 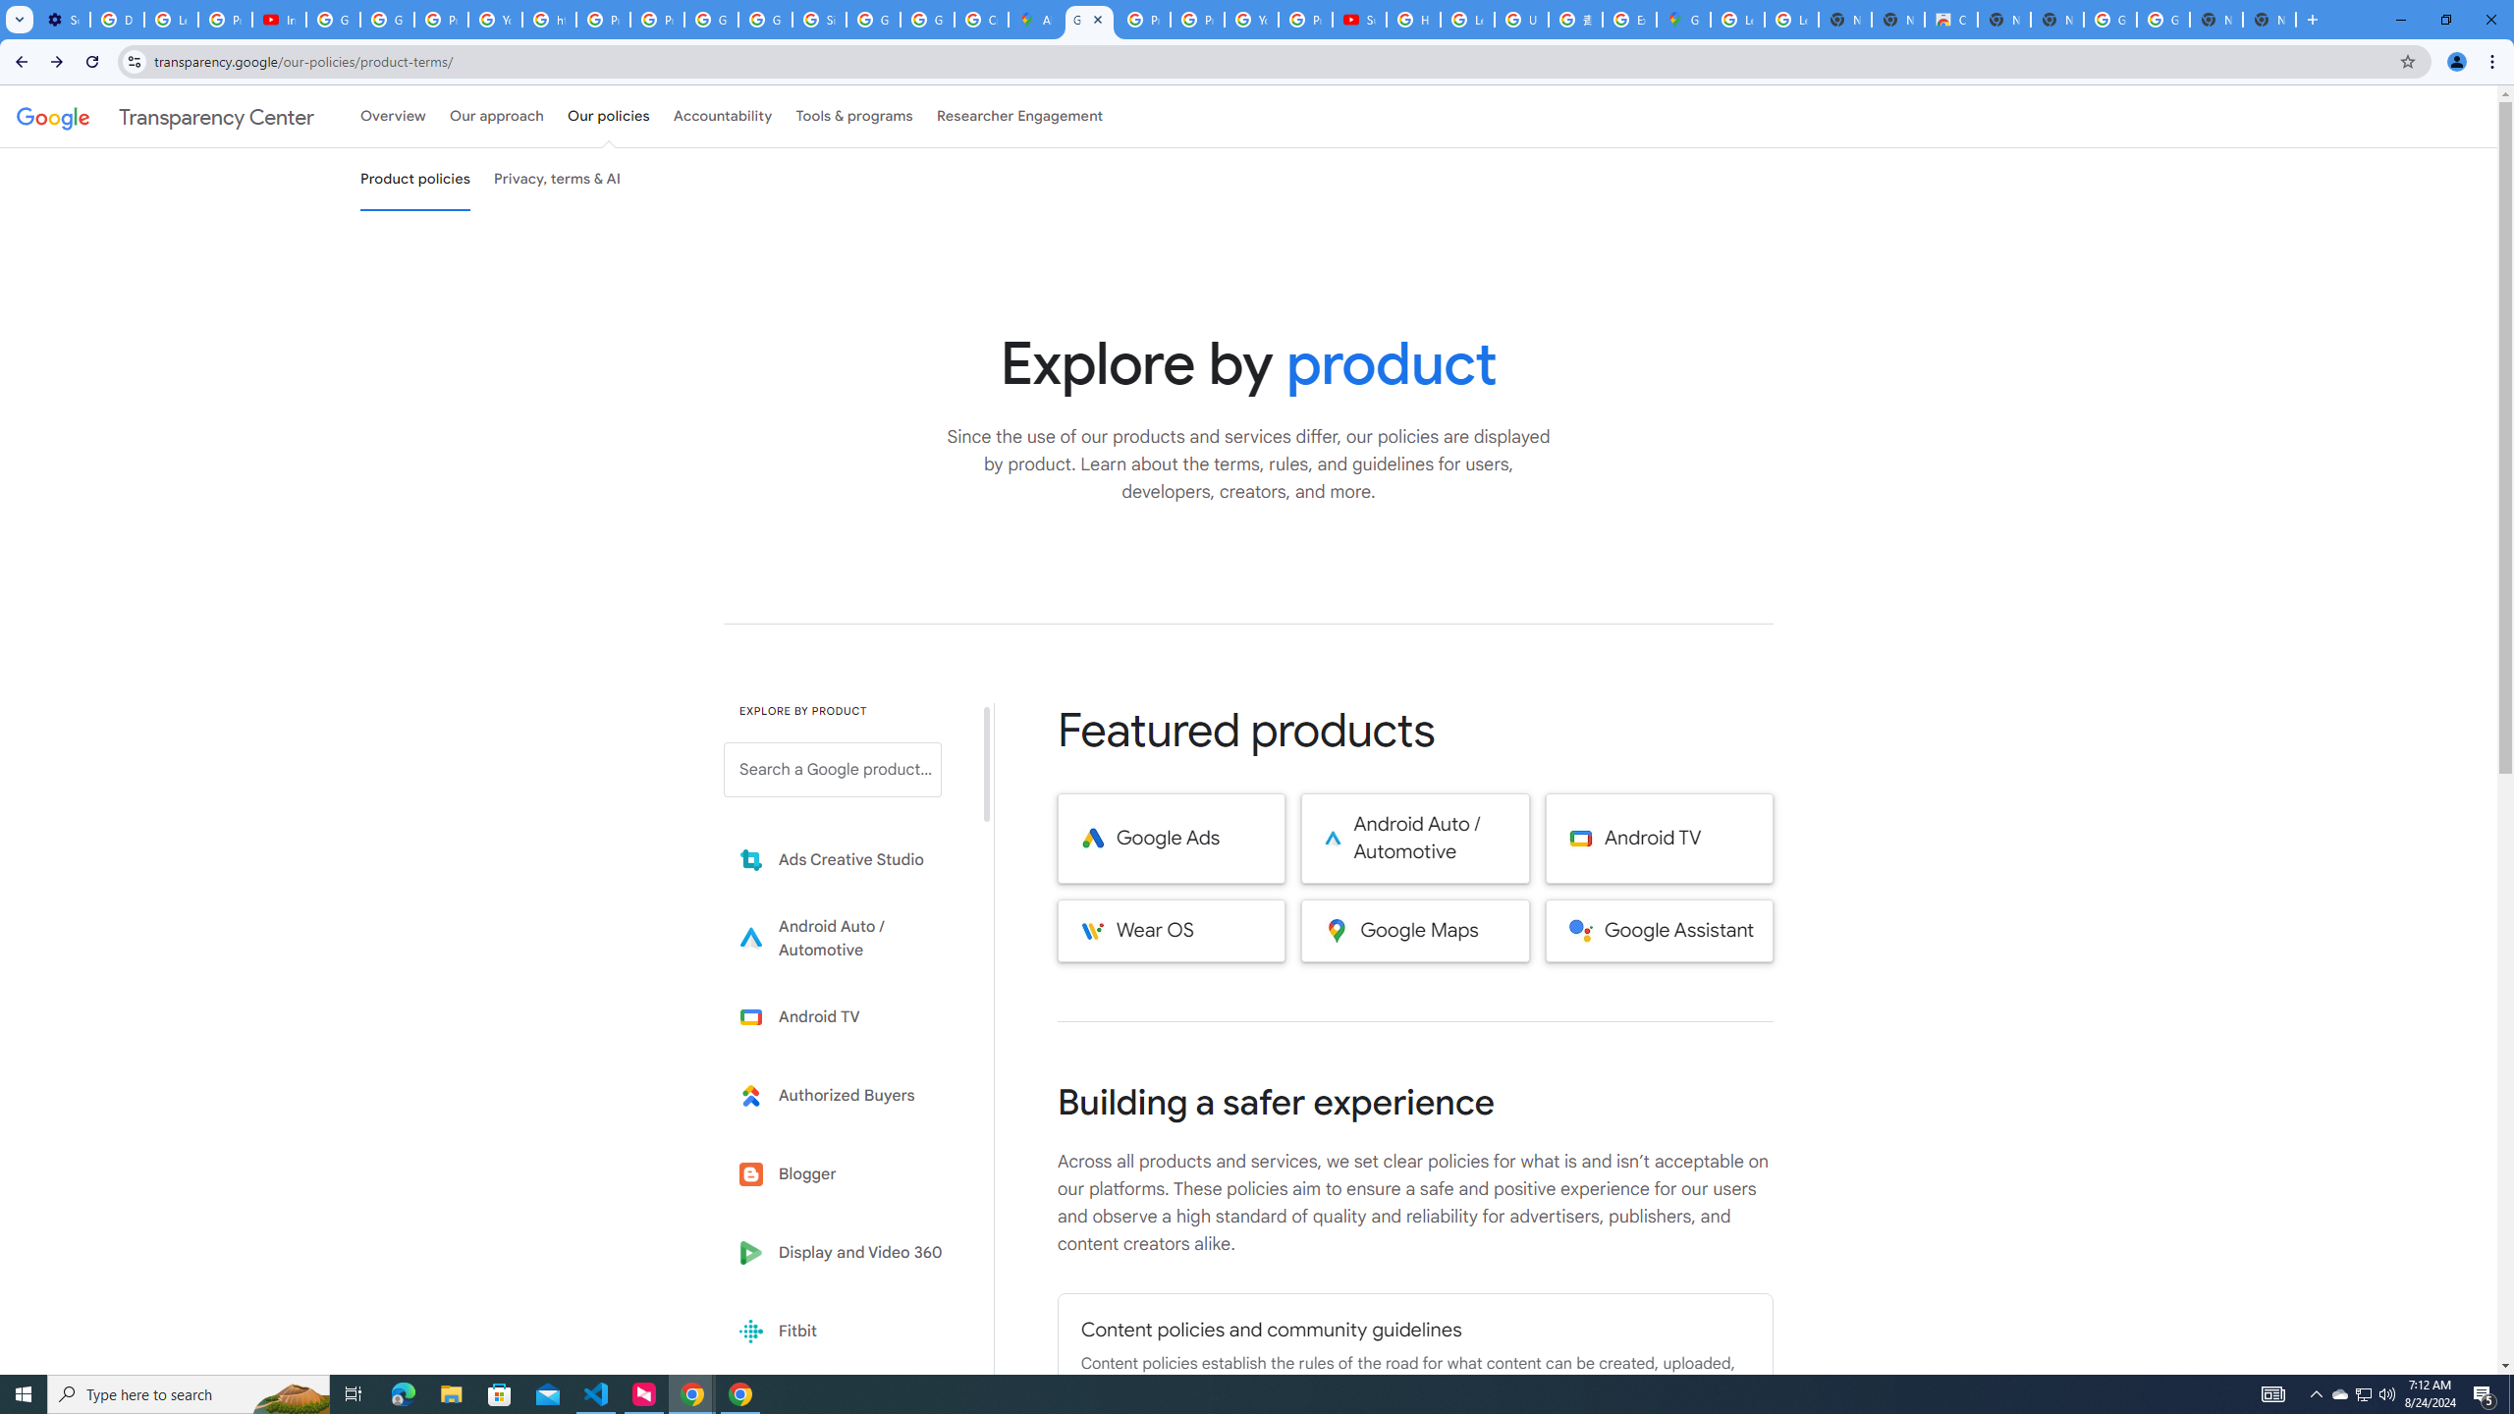 I want to click on 'Our approach', so click(x=496, y=116).